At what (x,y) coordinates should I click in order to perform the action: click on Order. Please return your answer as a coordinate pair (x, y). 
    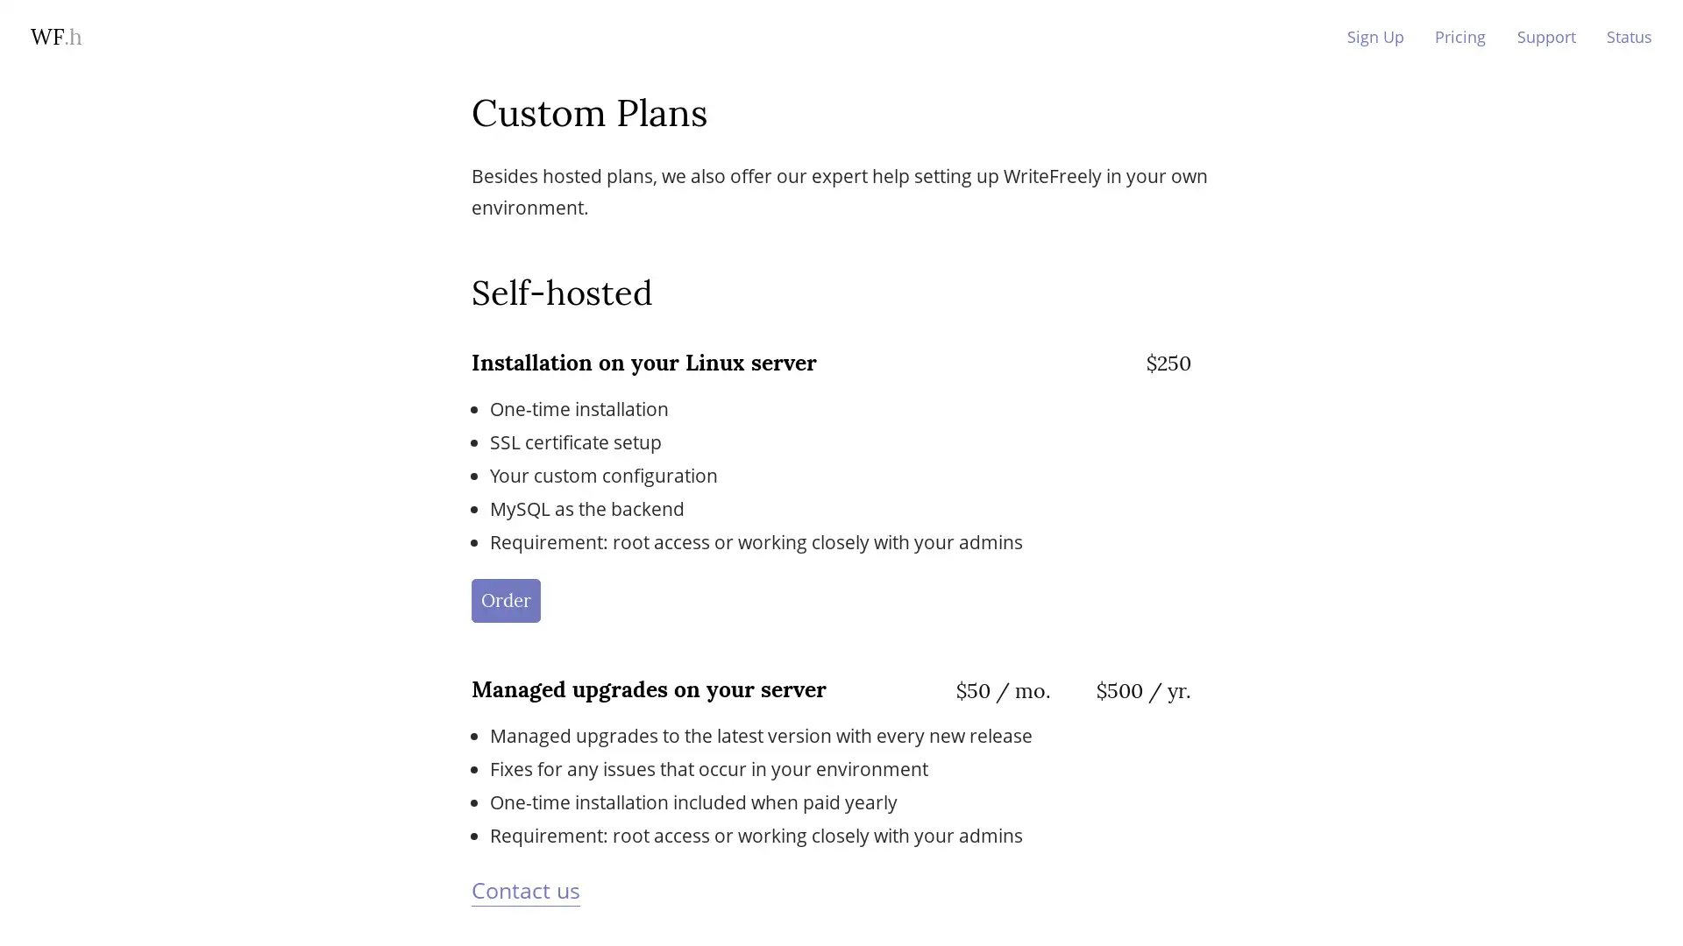
    Looking at the image, I should click on (505, 600).